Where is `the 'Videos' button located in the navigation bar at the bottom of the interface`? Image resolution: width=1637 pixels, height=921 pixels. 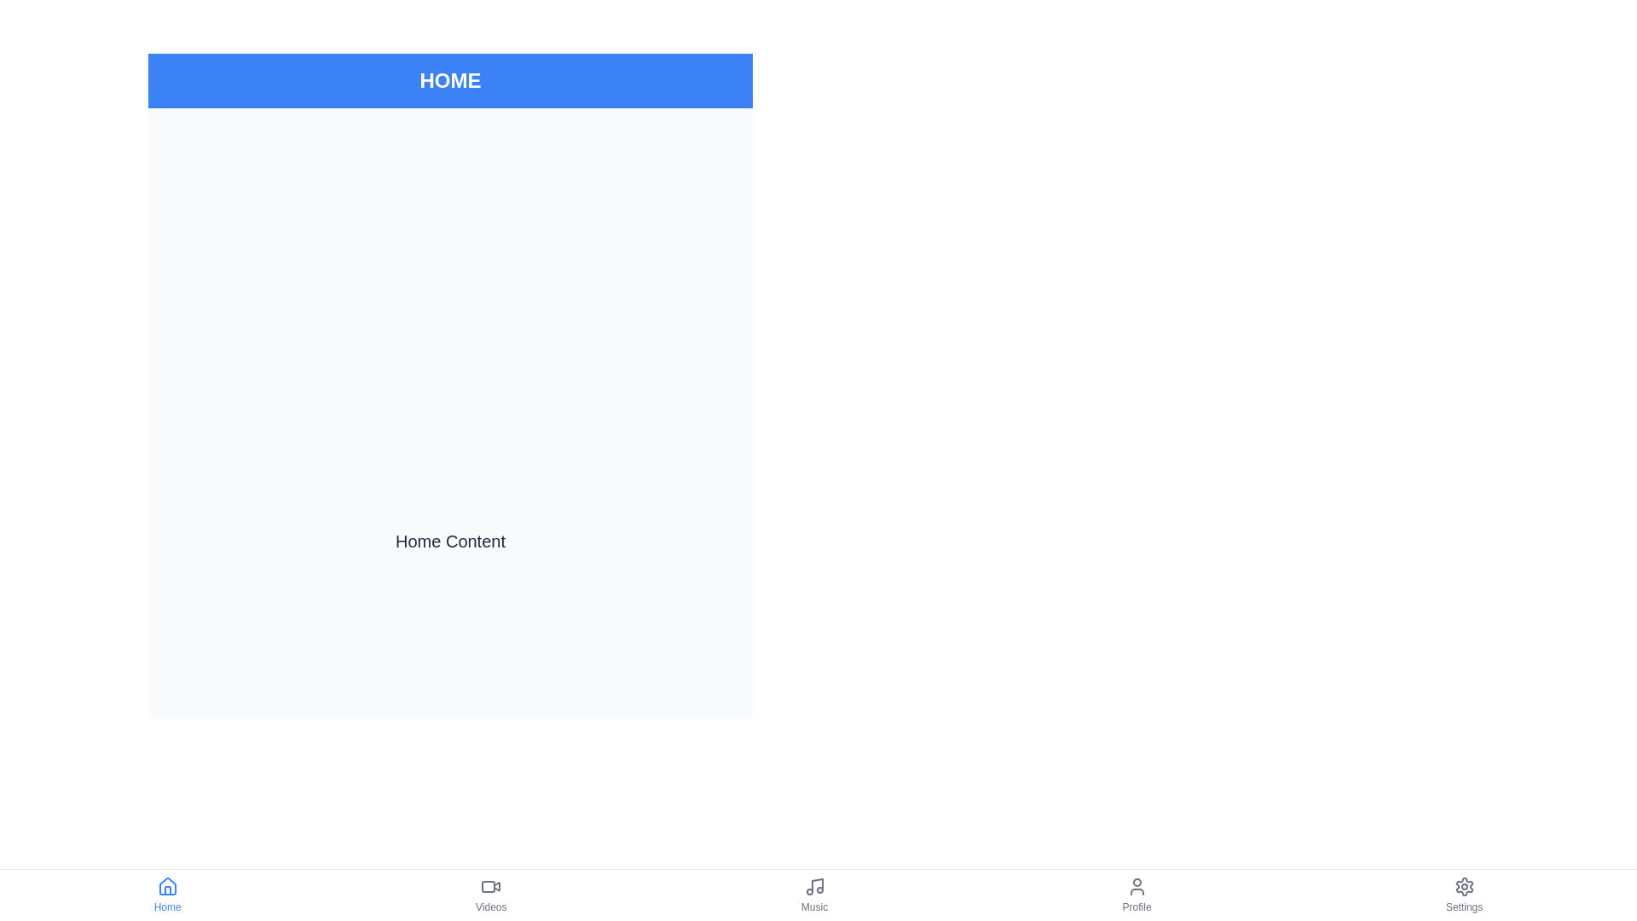
the 'Videos' button located in the navigation bar at the bottom of the interface is located at coordinates (490, 886).